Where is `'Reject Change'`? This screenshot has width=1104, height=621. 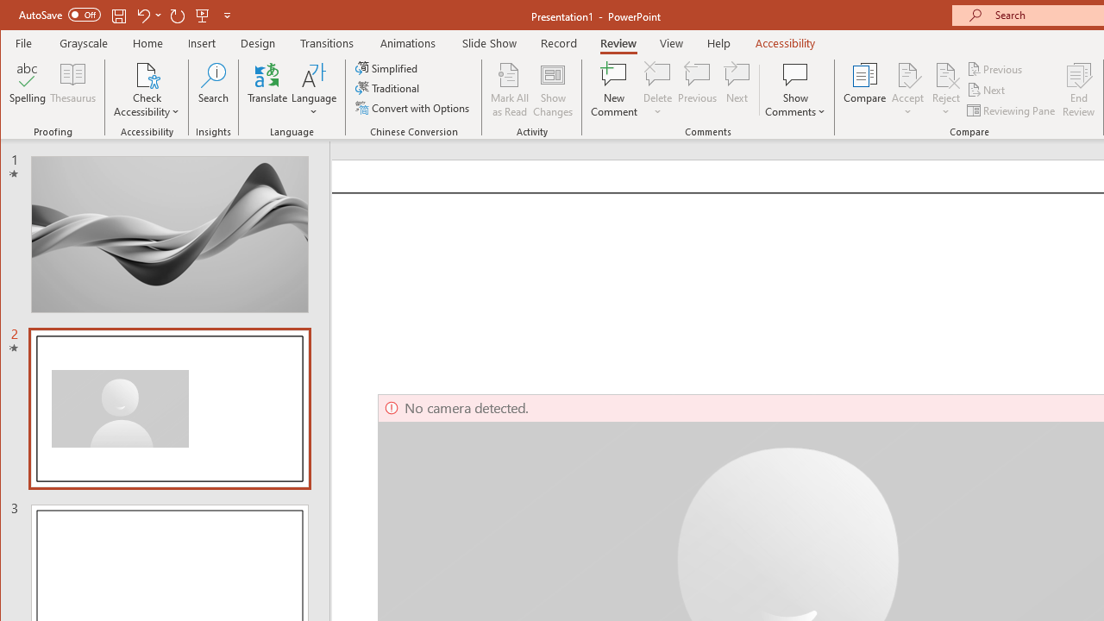
'Reject Change' is located at coordinates (944, 73).